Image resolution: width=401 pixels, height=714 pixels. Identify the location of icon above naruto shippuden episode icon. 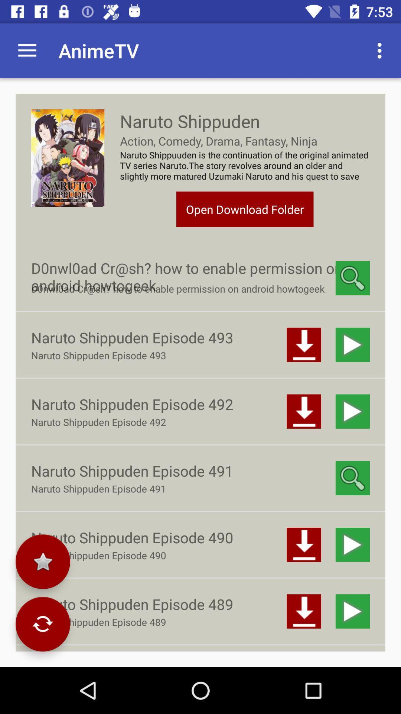
(43, 562).